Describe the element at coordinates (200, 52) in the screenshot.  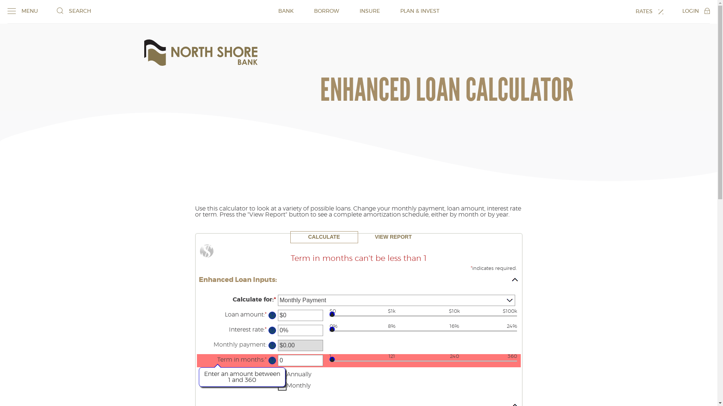
I see `'North Shore Bank of Commerce, Duluth, MN'` at that location.